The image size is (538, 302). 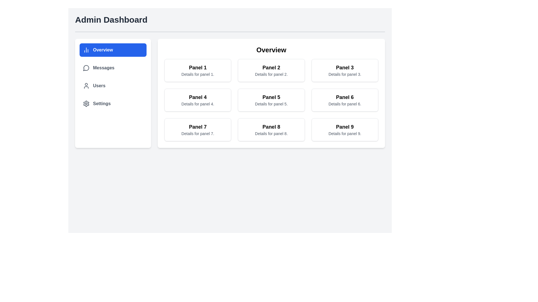 I want to click on the text label reading 'Panel 8', which is styled in bold, large black font and serves as the heading of a card in the Overview section, so click(x=271, y=127).